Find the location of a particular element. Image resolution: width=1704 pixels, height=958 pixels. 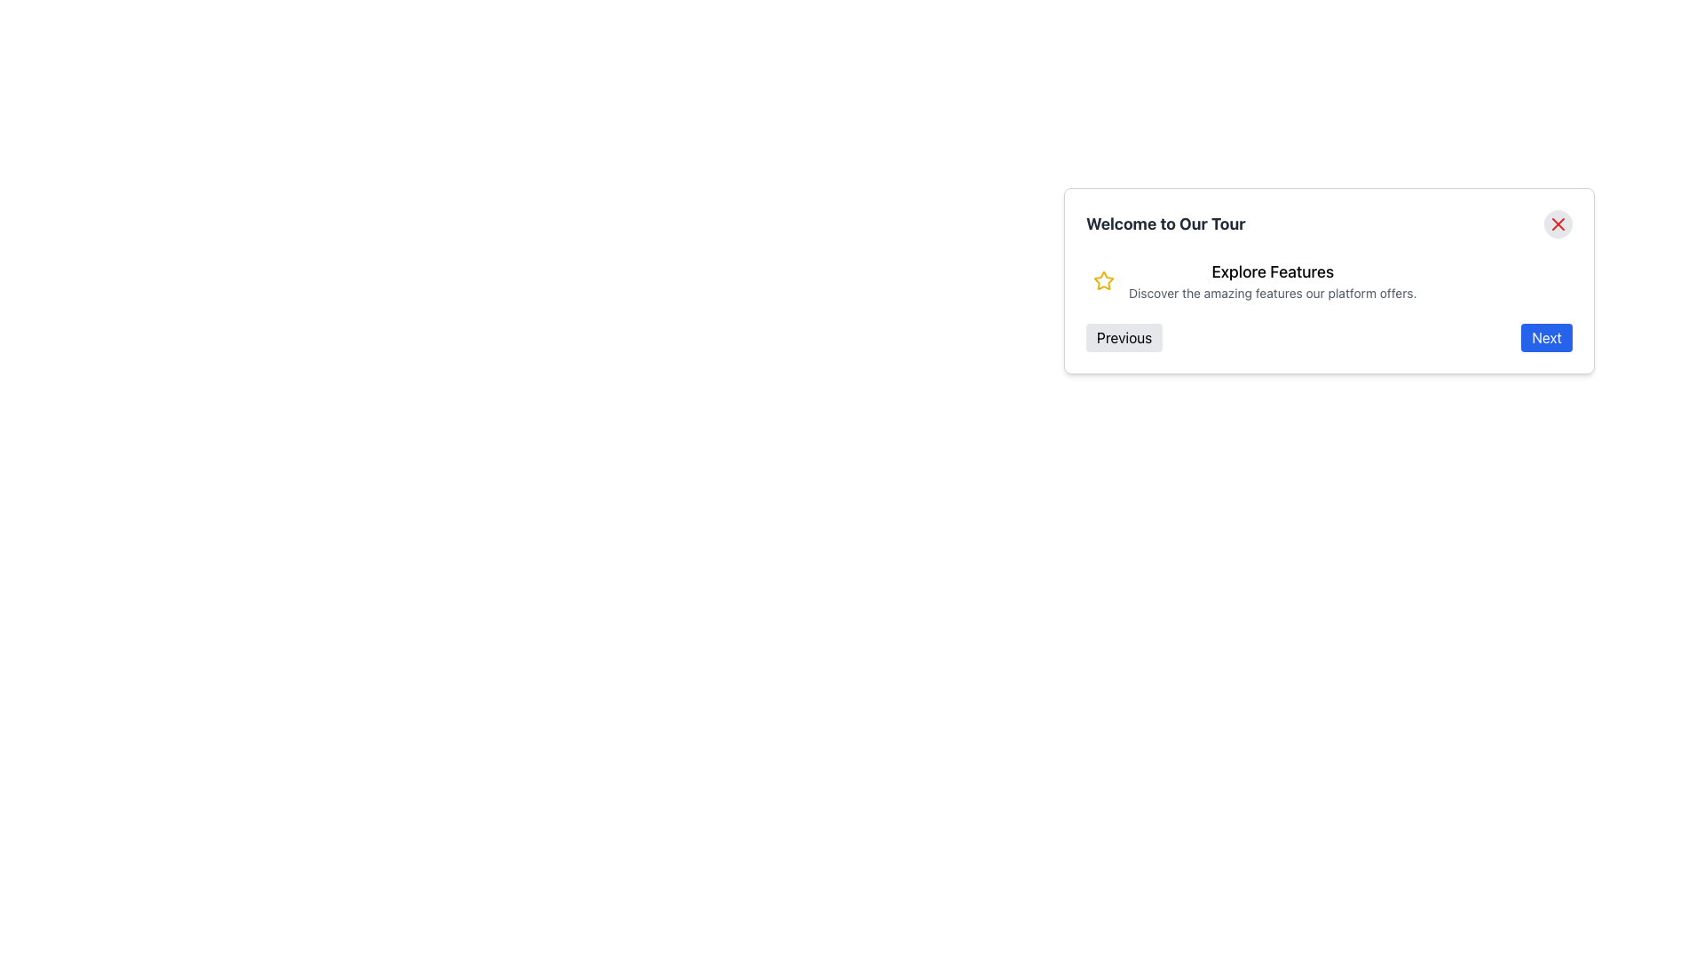

the close button located at the top-right corner of the dialog box is located at coordinates (1558, 224).